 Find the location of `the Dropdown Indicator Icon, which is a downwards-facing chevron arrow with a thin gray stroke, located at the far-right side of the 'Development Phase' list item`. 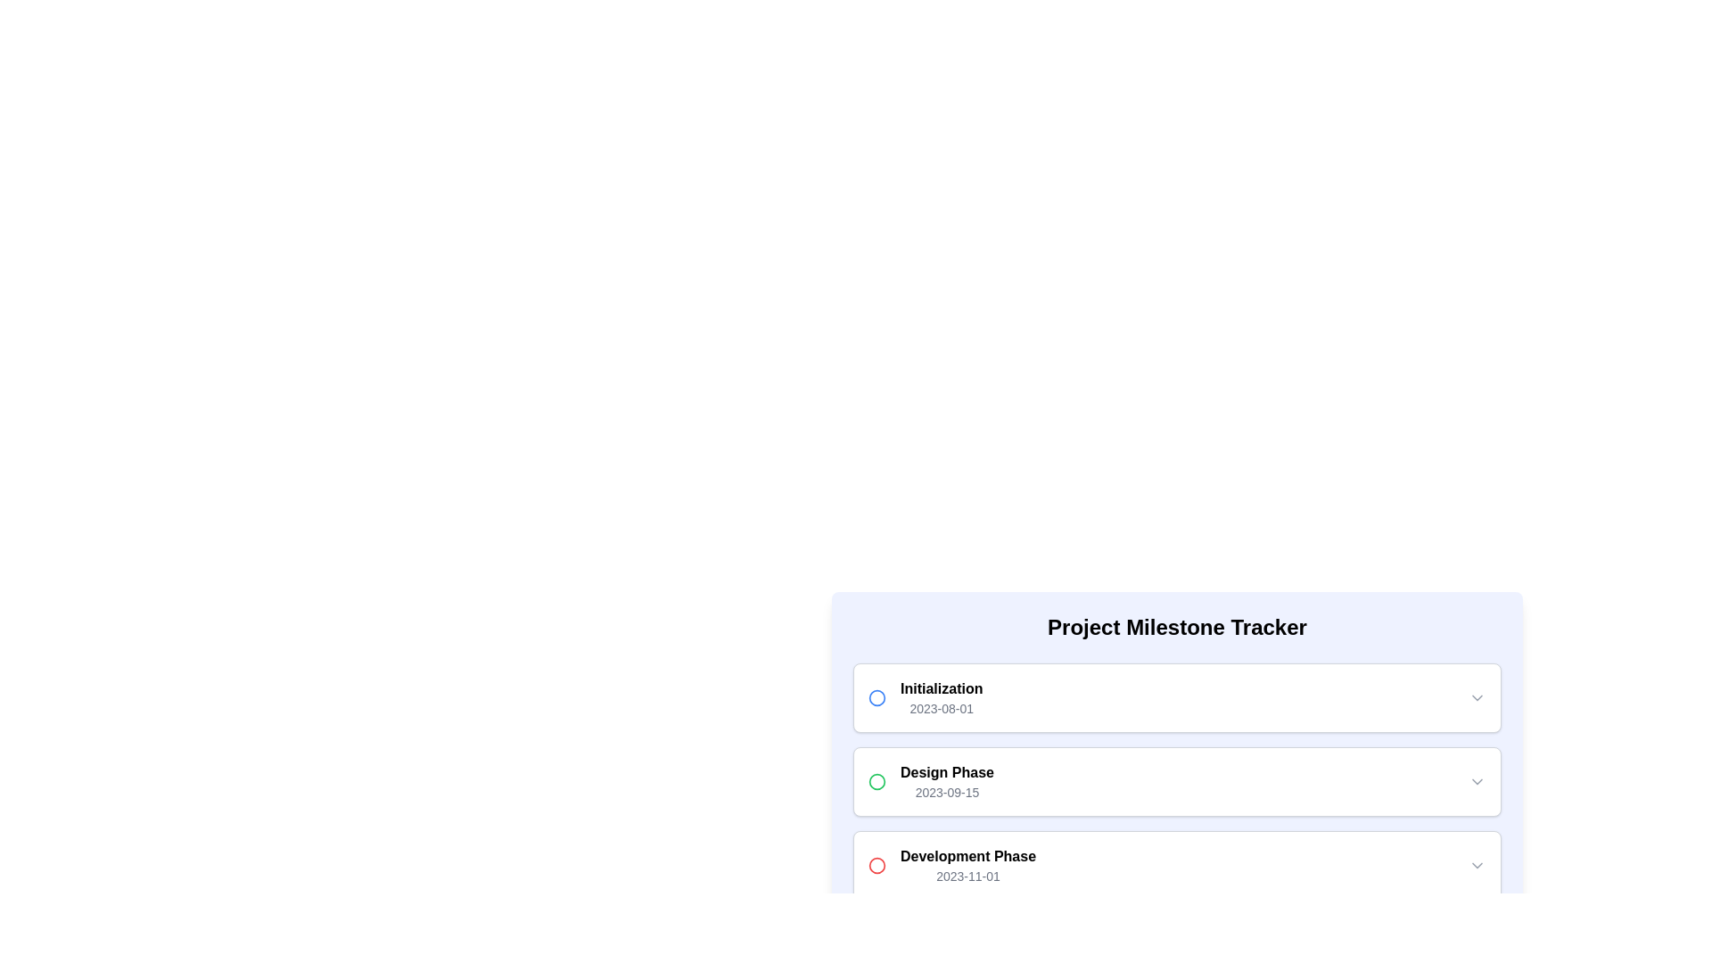

the Dropdown Indicator Icon, which is a downwards-facing chevron arrow with a thin gray stroke, located at the far-right side of the 'Development Phase' list item is located at coordinates (1477, 865).